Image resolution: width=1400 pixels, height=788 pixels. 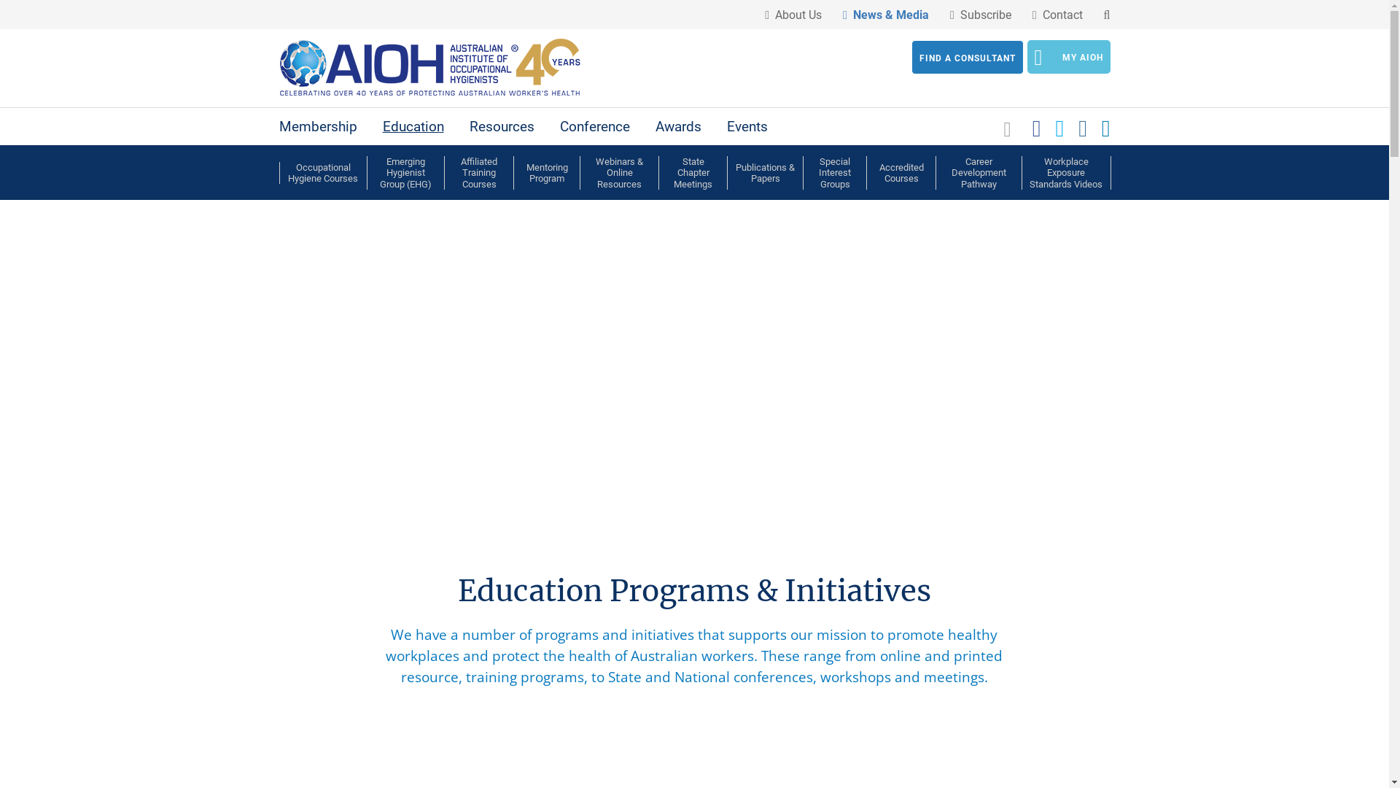 I want to click on 'Events', so click(x=726, y=125).